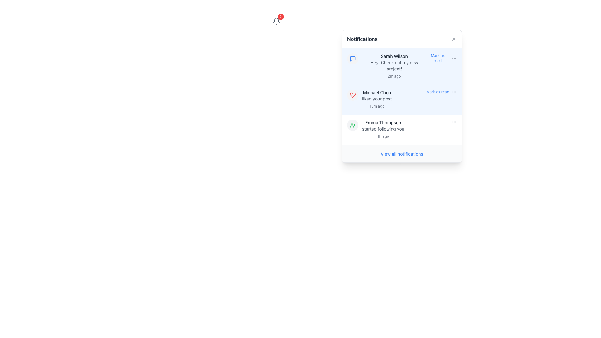 The height and width of the screenshot is (338, 601). What do you see at coordinates (394, 76) in the screenshot?
I see `the text label indicating the time elapsed since the notification generated, positioned at the bottom of the notification under the title 'Sarah Wilson'` at bounding box center [394, 76].